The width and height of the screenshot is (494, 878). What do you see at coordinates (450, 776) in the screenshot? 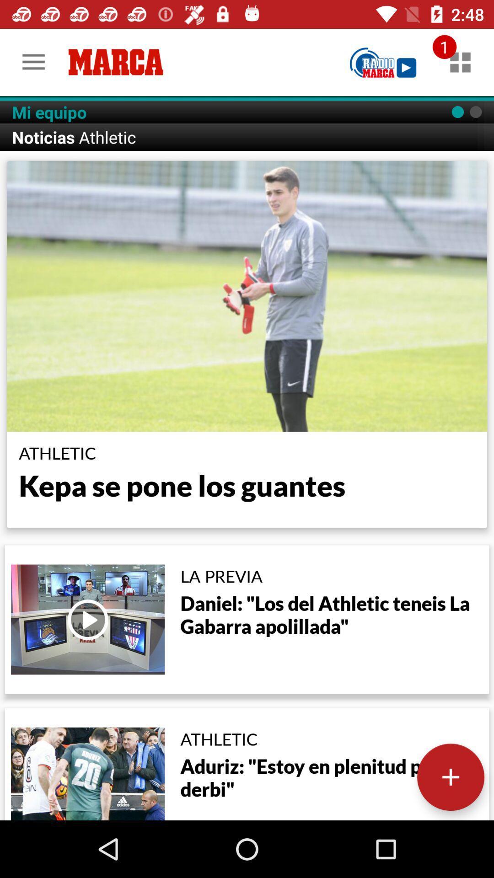
I see `item below daniel los del item` at bounding box center [450, 776].